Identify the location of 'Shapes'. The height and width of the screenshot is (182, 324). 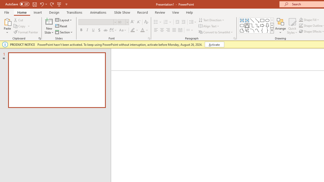
(272, 30).